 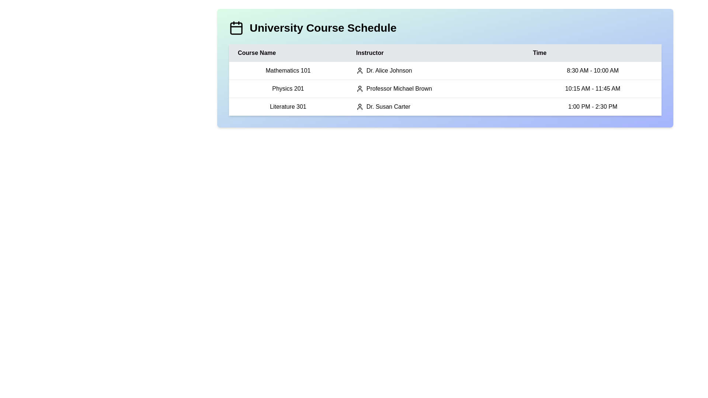 What do you see at coordinates (236, 28) in the screenshot?
I see `the calendar icon located in the top-left corner of the course schedule card, which visually represents the inner part of a calendar icon` at bounding box center [236, 28].